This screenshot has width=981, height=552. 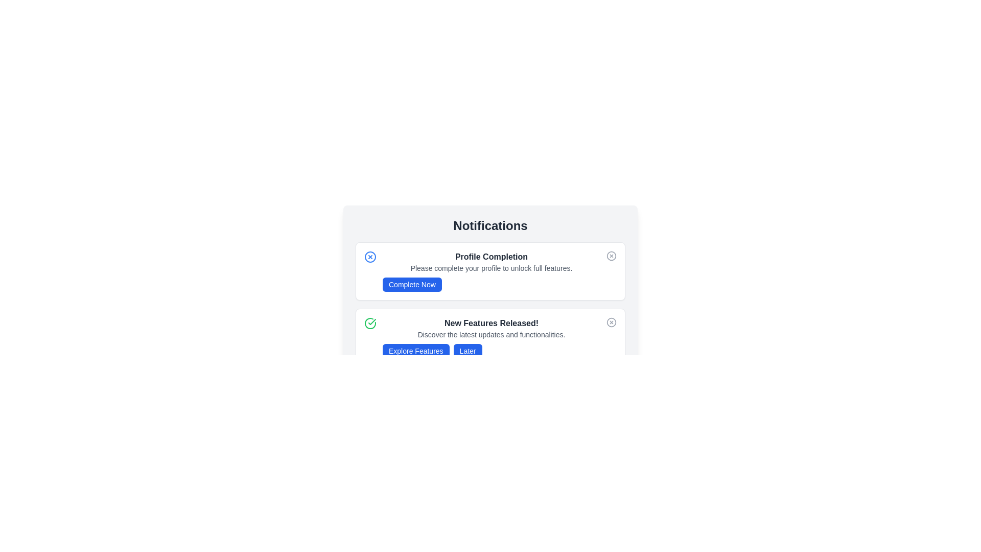 I want to click on the notification icon to interact with it. Specify the notification type as info, so click(x=369, y=256).